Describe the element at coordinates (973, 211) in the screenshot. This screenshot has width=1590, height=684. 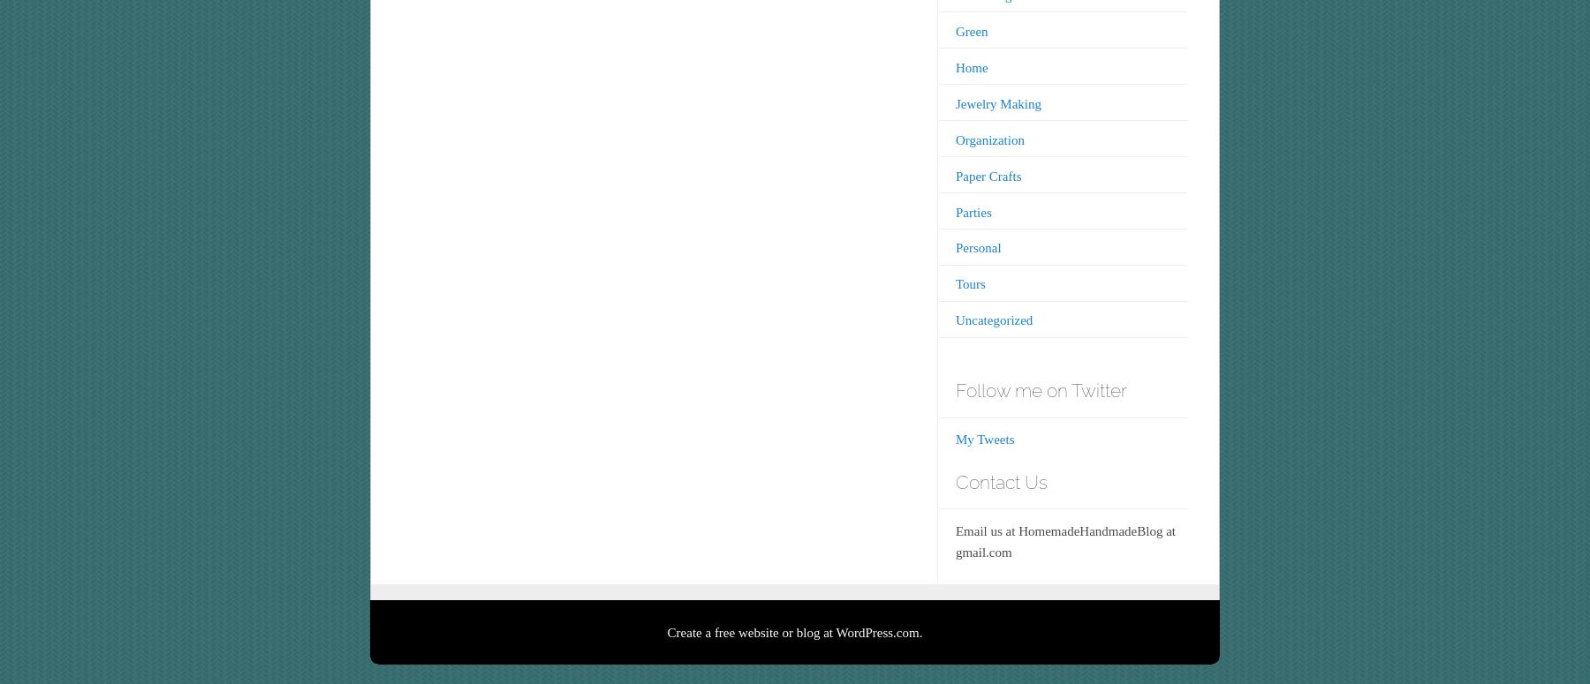
I see `'Parties'` at that location.